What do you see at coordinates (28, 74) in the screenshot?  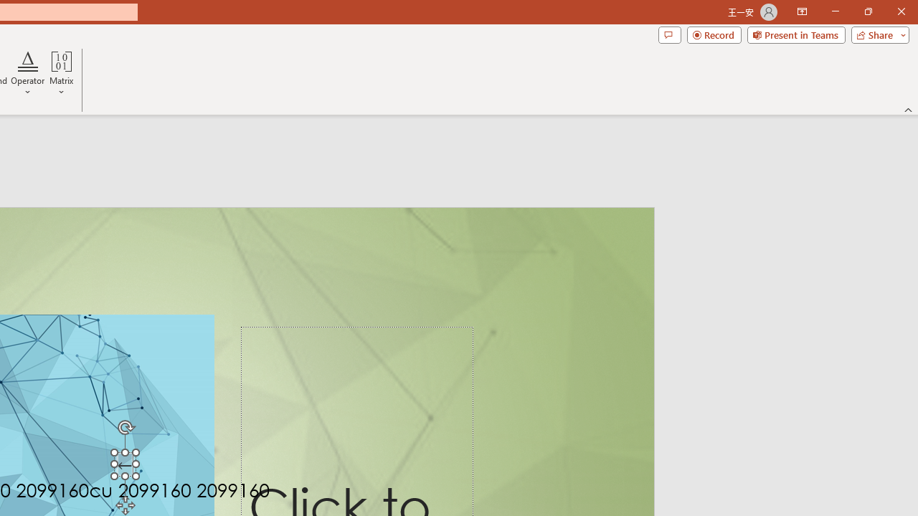 I see `'Operator'` at bounding box center [28, 74].